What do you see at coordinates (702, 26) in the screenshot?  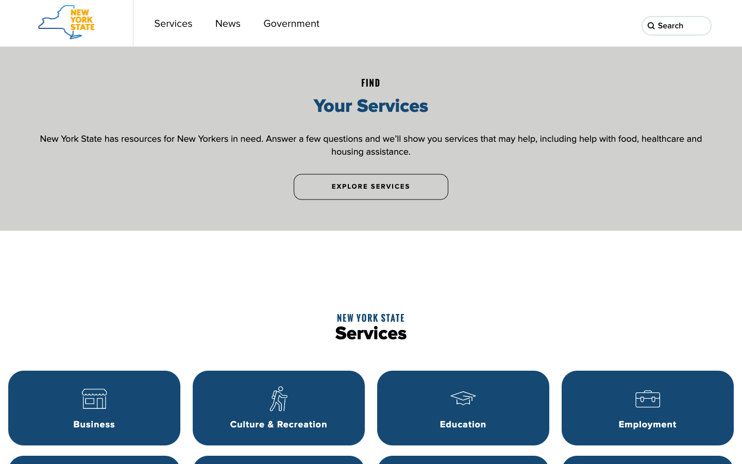 I see `Search for "bank" using the search button` at bounding box center [702, 26].